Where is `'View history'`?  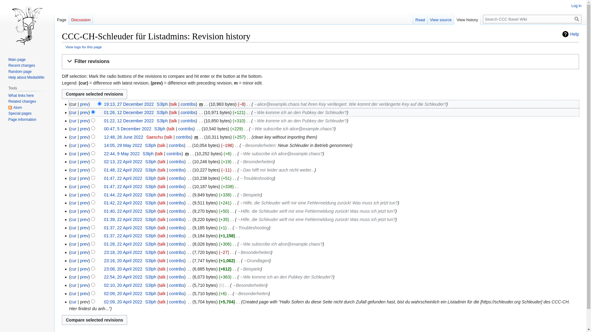 'View history' is located at coordinates (467, 18).